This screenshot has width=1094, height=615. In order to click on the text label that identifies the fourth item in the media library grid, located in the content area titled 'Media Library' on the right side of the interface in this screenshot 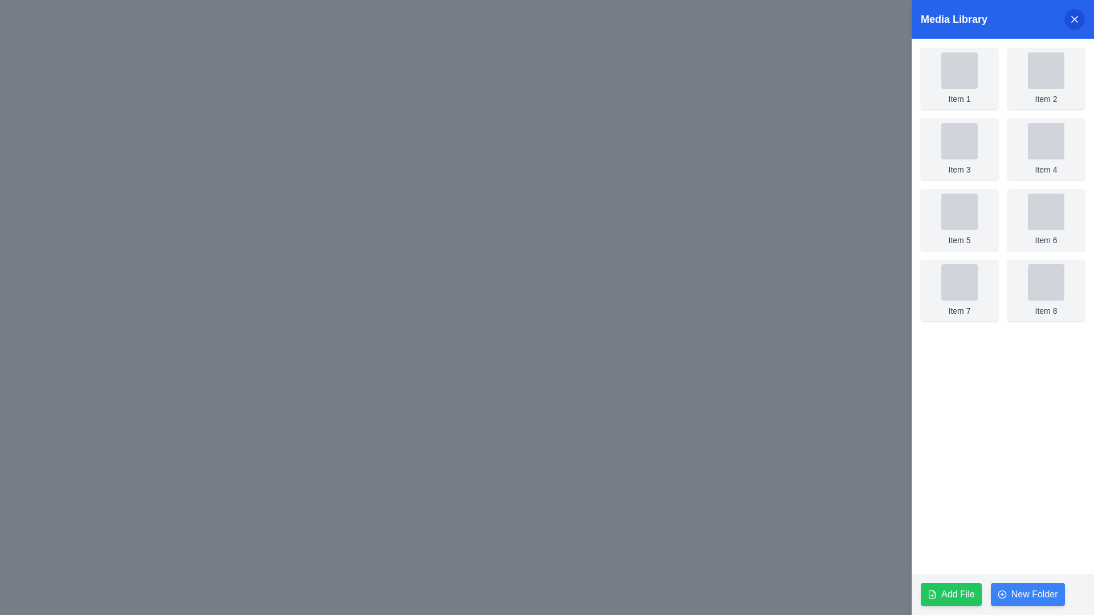, I will do `click(1046, 169)`.